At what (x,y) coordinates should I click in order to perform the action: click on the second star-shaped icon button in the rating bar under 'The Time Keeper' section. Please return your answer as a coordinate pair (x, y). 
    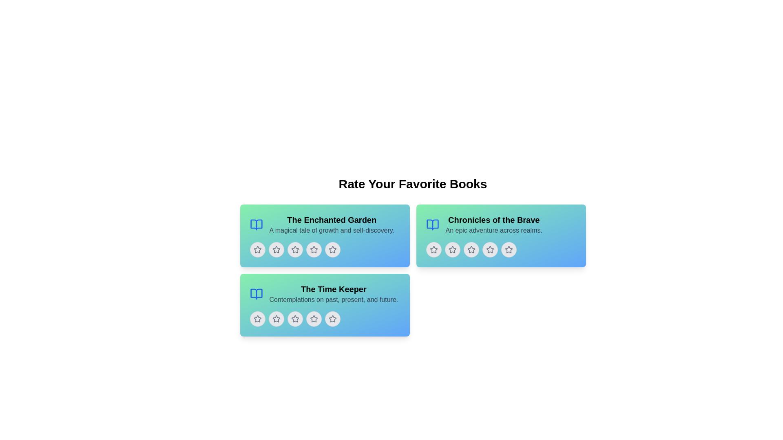
    Looking at the image, I should click on (294, 319).